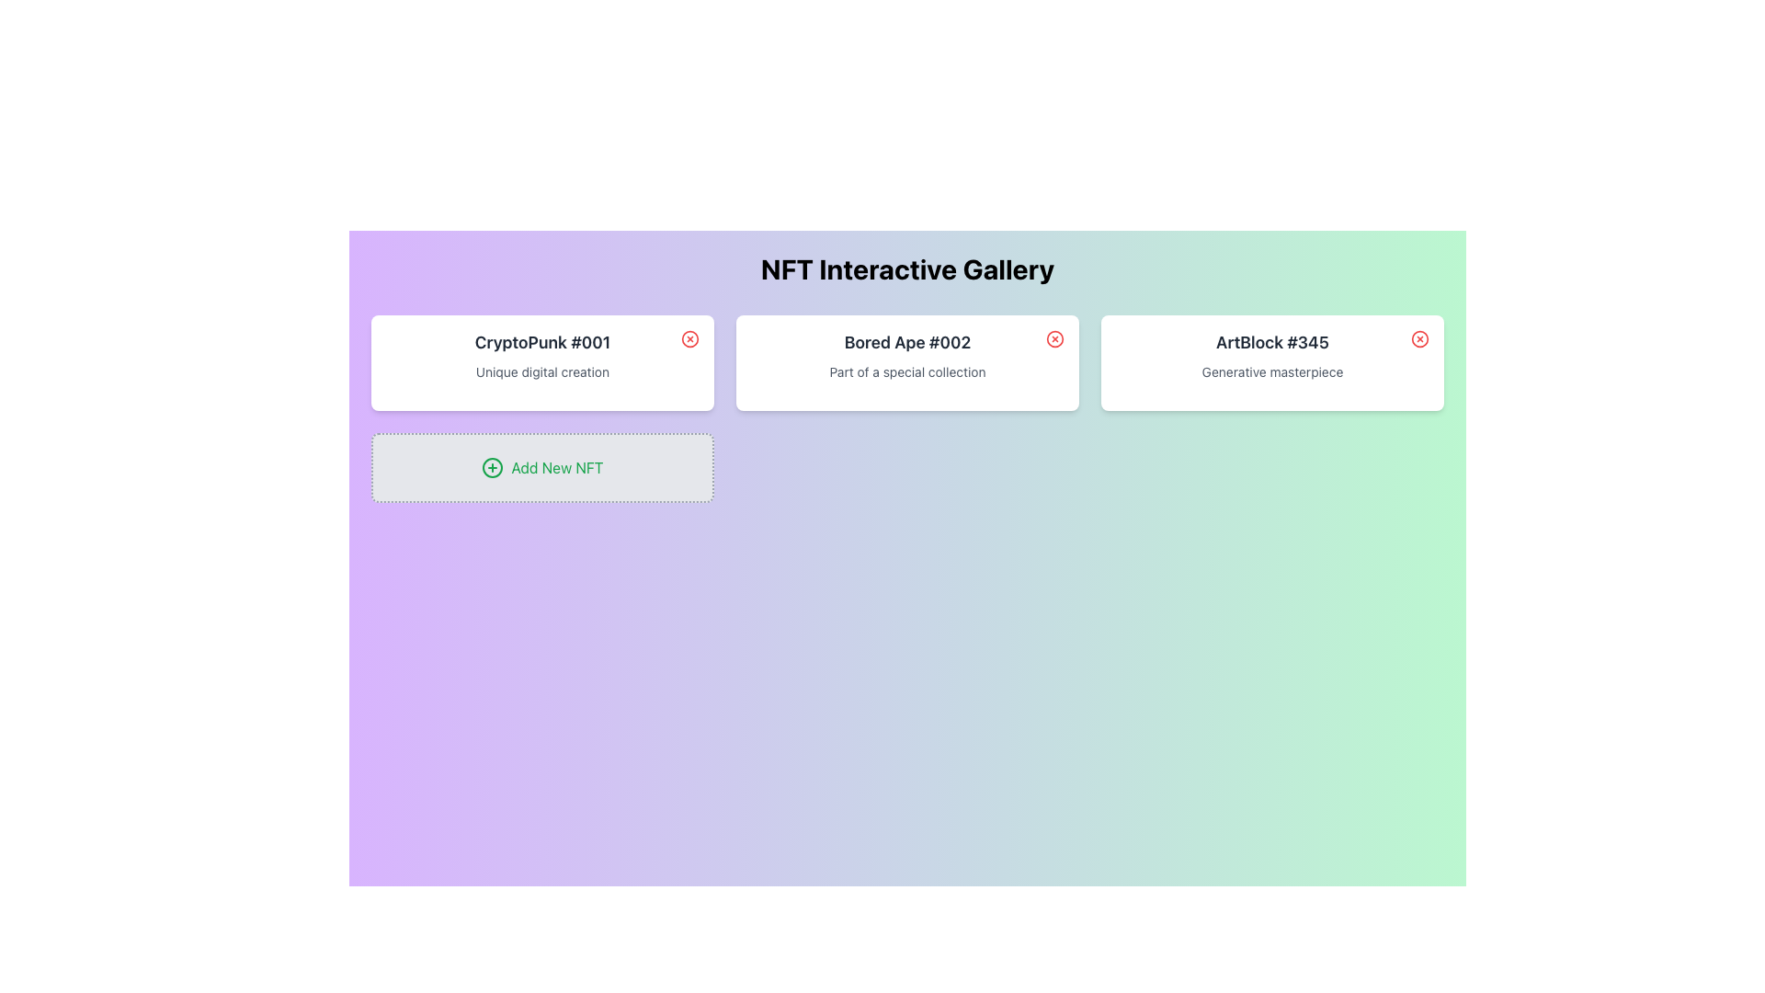 This screenshot has height=993, width=1765. What do you see at coordinates (541, 343) in the screenshot?
I see `the title text label of the NFT item located at the topmost position within the leftmost card in a row of three cards` at bounding box center [541, 343].